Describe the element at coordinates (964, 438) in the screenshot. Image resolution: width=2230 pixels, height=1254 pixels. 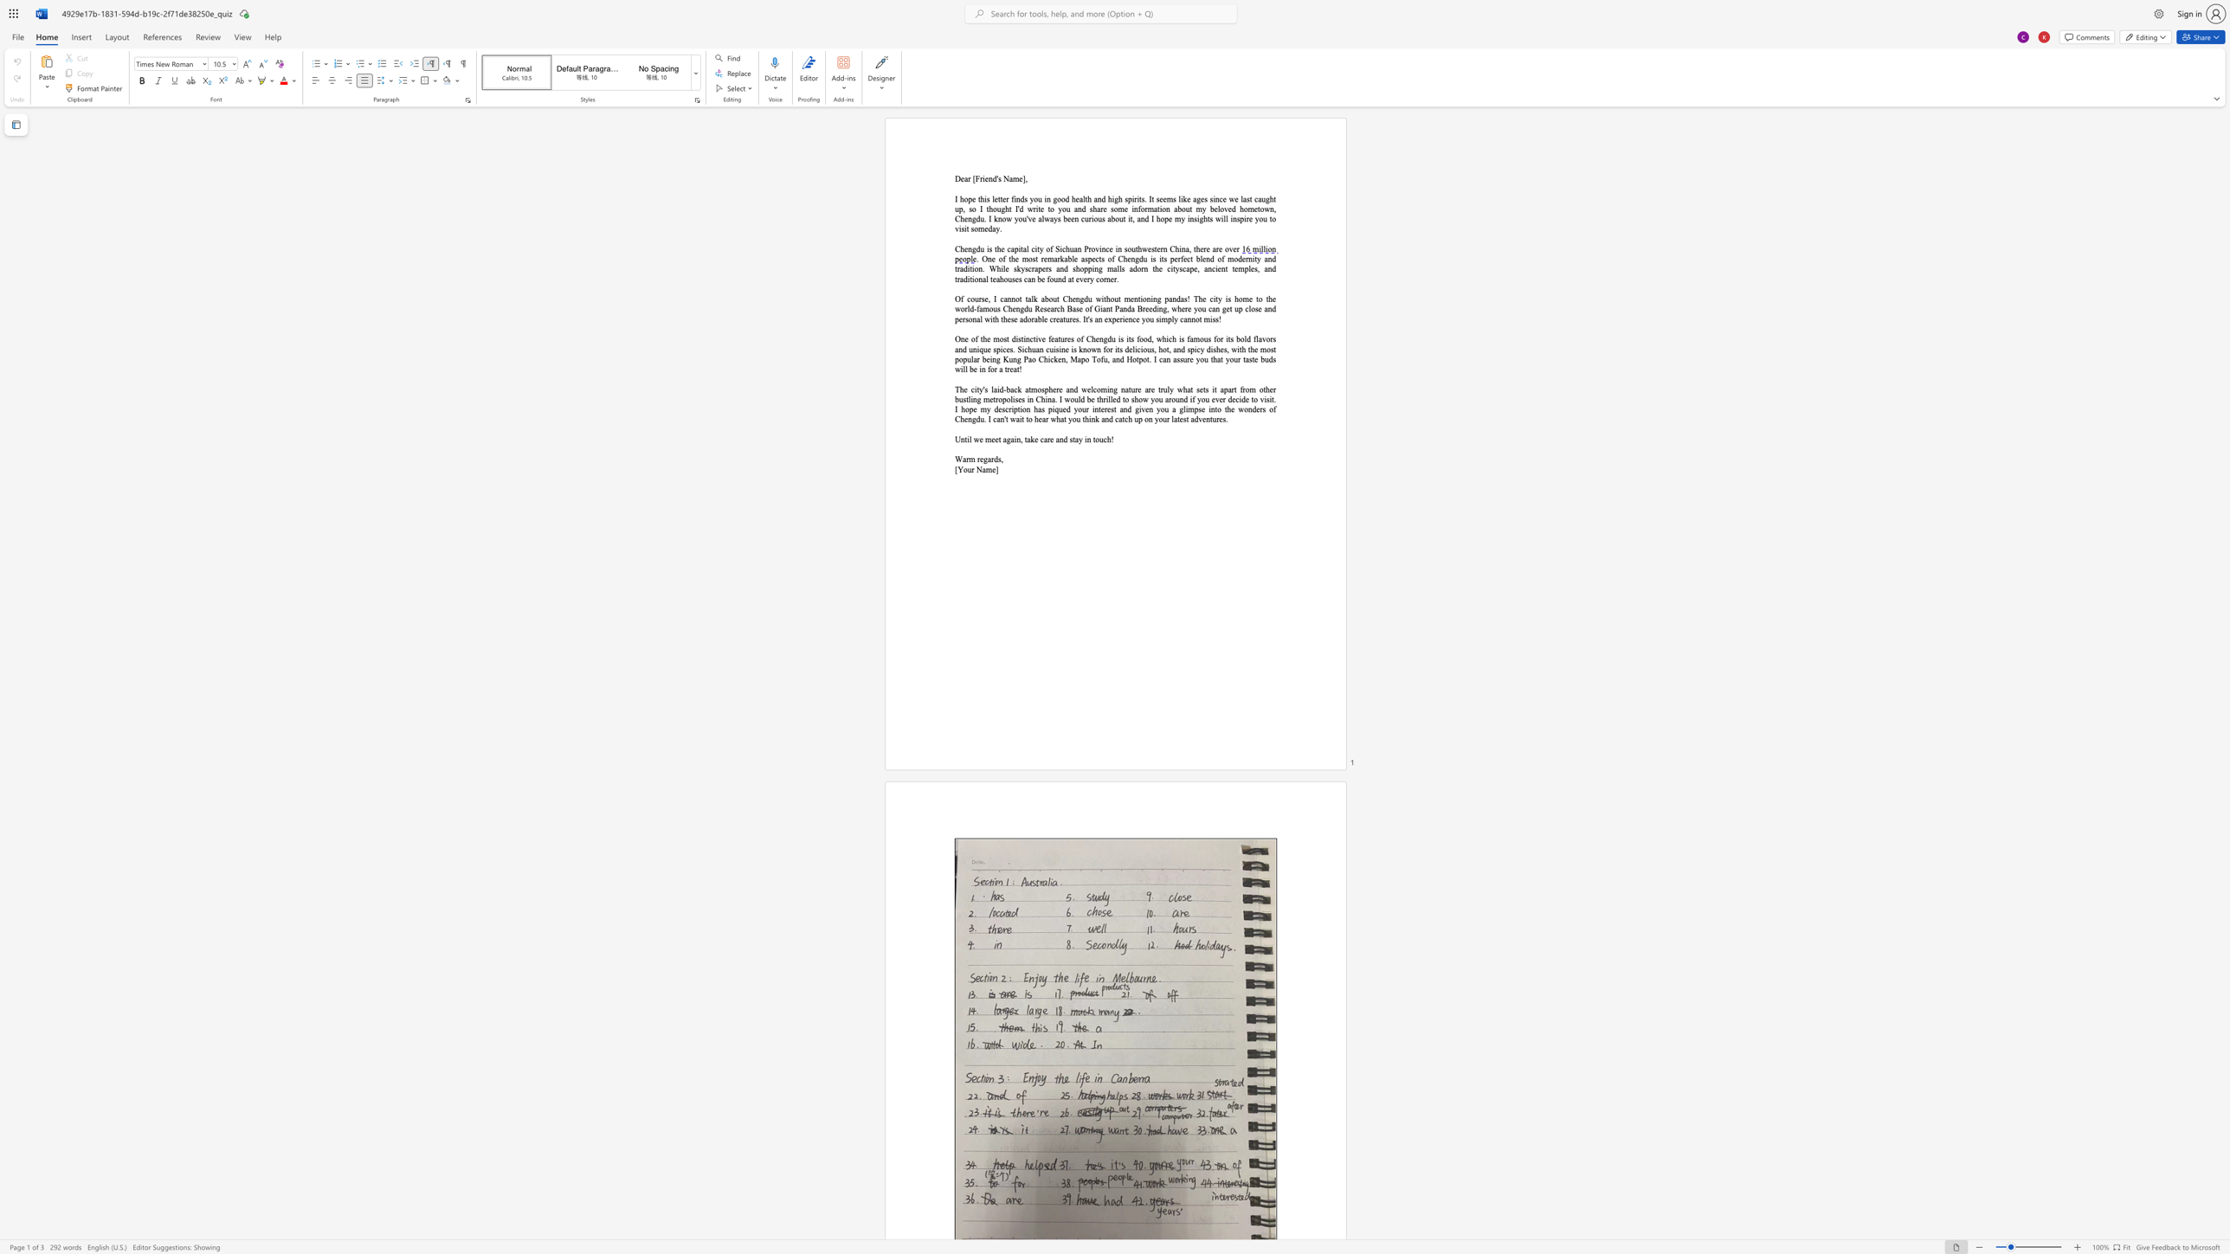
I see `the space between the continuous character "n" and "t" in the text` at that location.